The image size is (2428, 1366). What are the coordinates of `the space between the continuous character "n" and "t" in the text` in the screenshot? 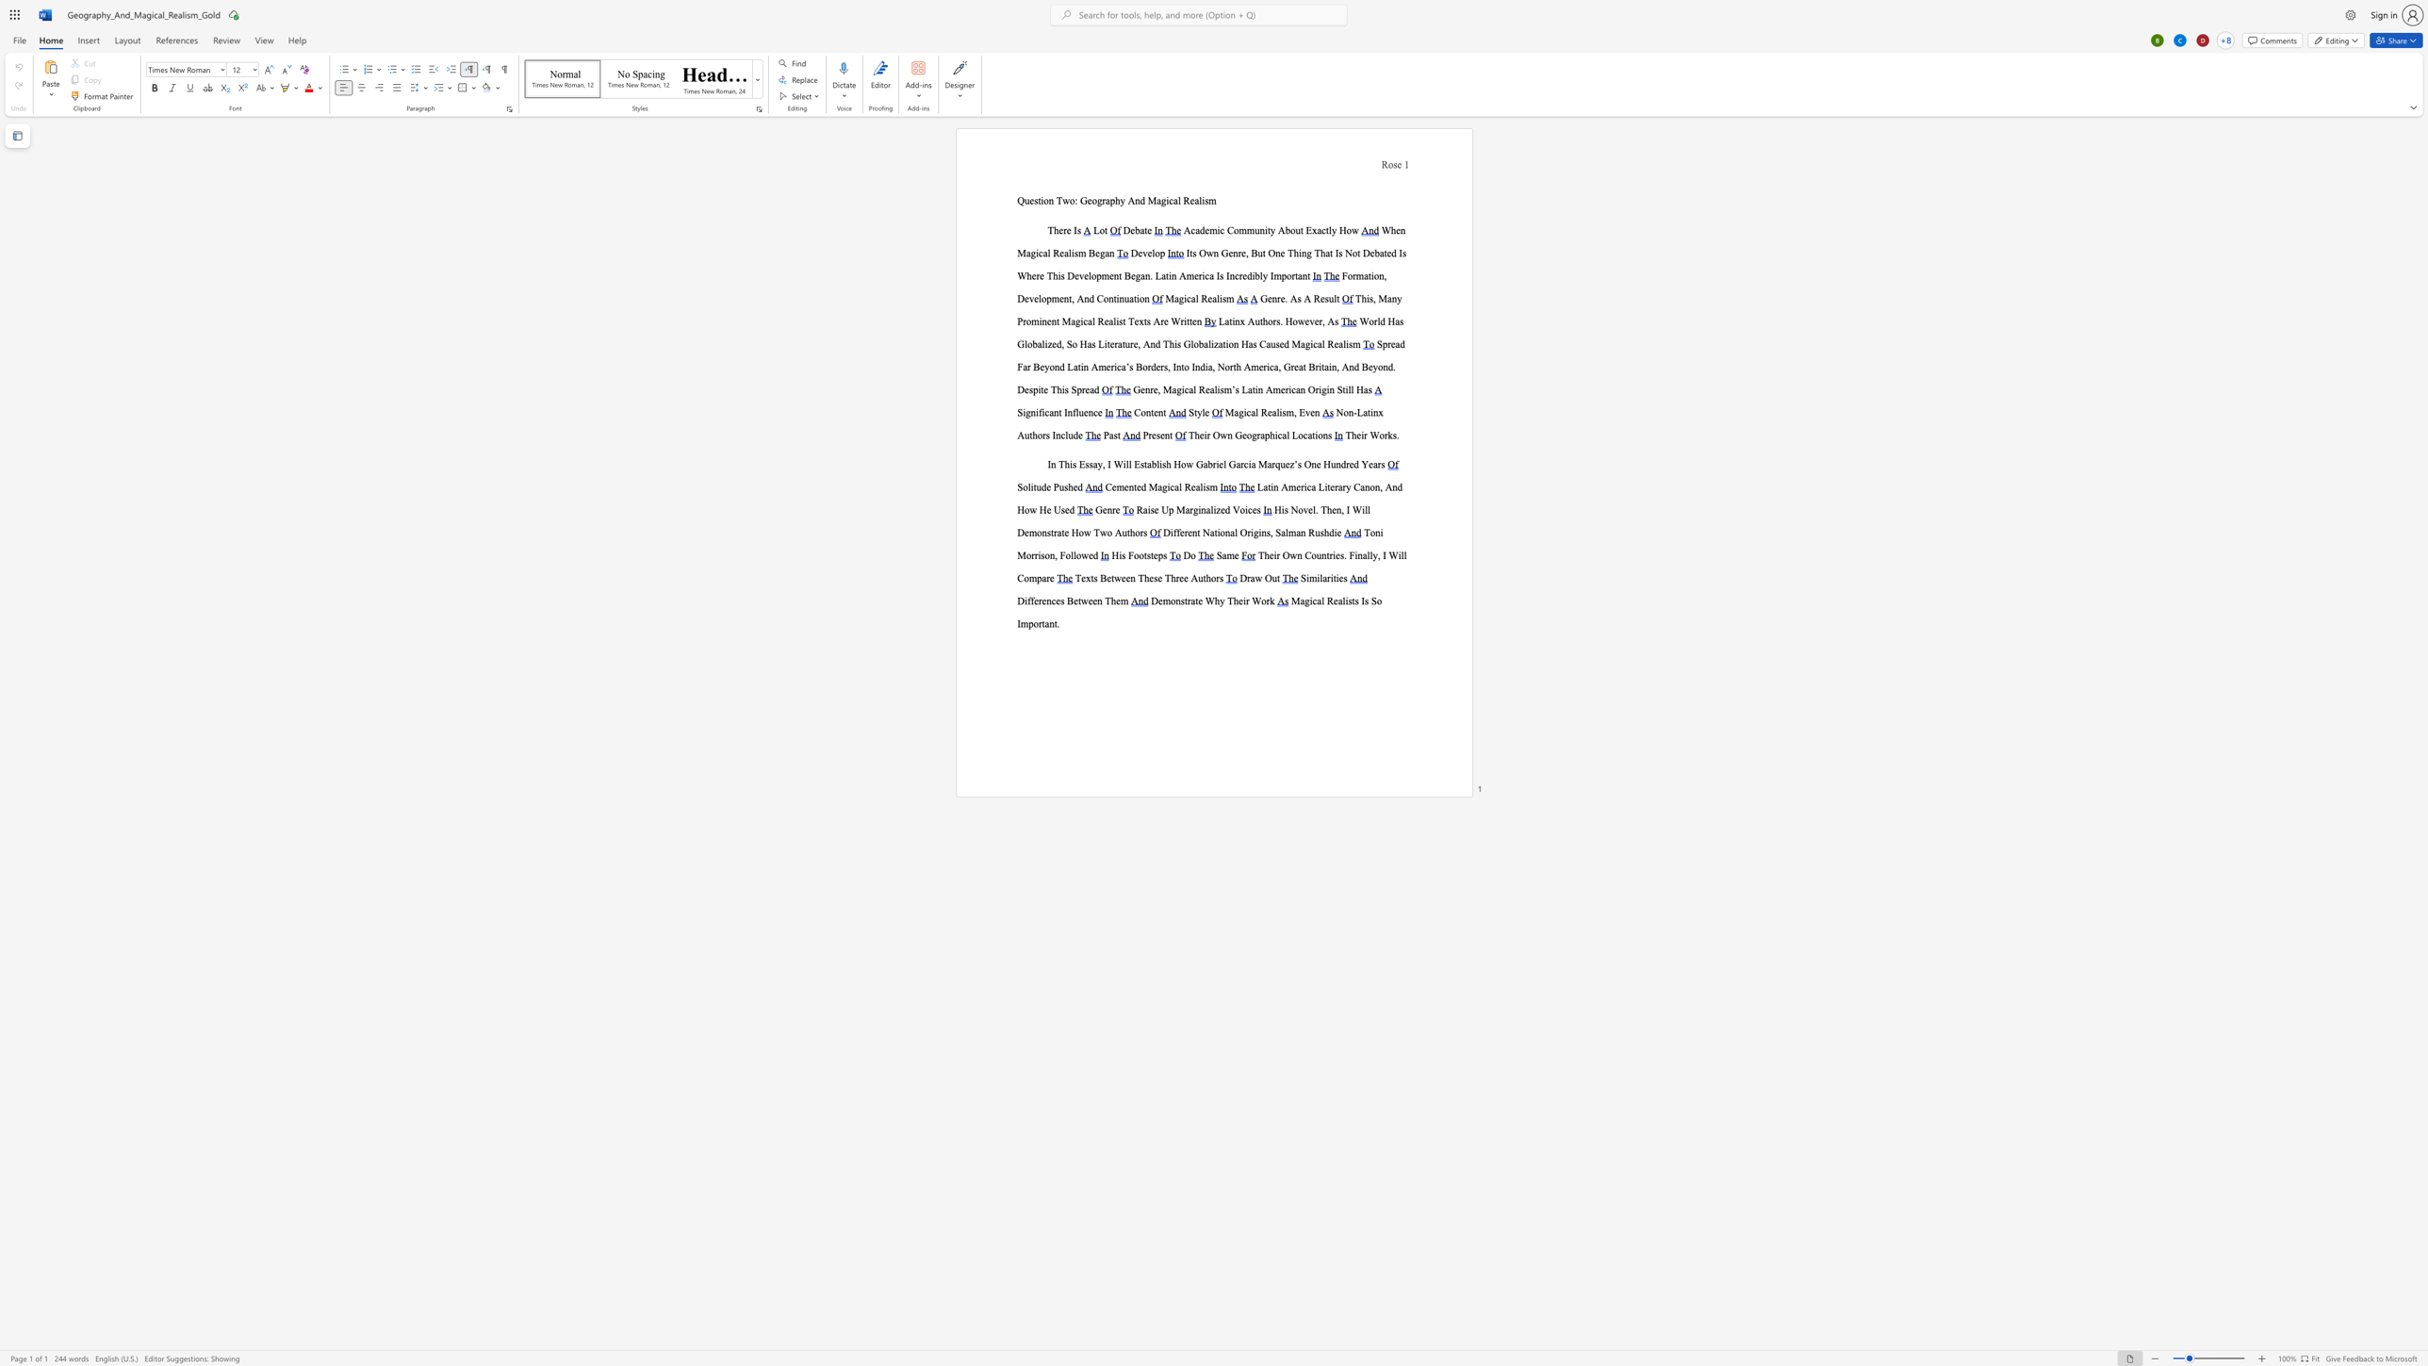 It's located at (1058, 412).